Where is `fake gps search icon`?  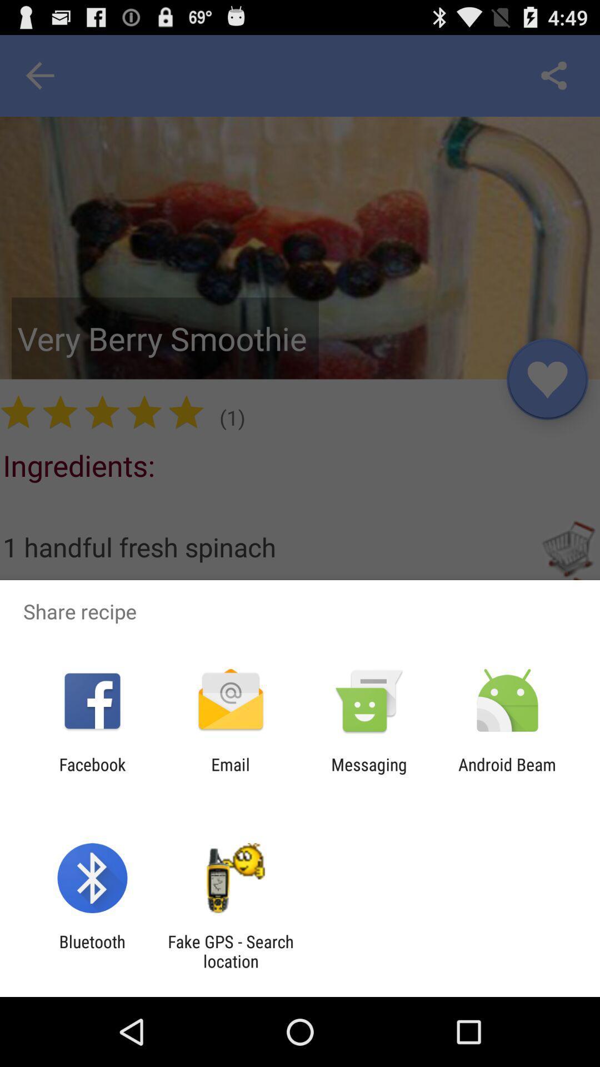 fake gps search icon is located at coordinates (230, 951).